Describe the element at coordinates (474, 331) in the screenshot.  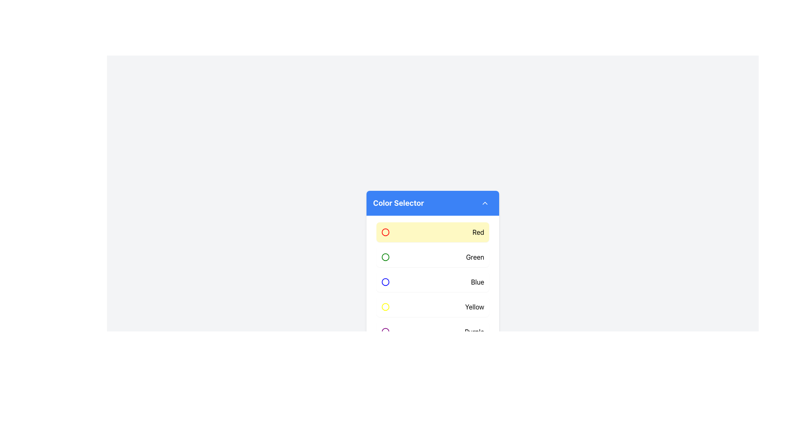
I see `the text label displaying 'Purple' in black font, which is the last entry in the dropdown list under the 'Color Selector' title bar` at that location.